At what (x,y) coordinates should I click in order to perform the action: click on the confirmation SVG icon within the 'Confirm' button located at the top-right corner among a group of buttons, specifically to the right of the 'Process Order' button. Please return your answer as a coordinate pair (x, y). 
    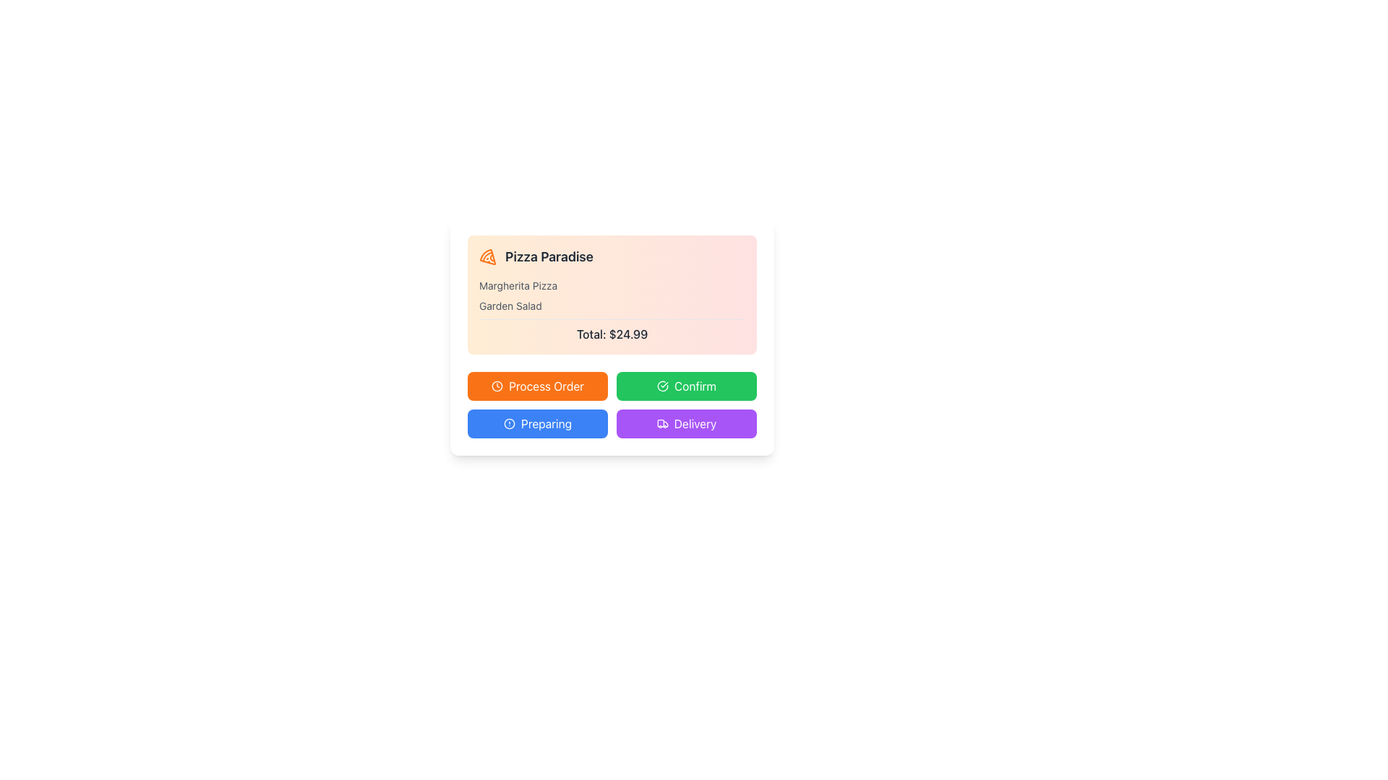
    Looking at the image, I should click on (661, 386).